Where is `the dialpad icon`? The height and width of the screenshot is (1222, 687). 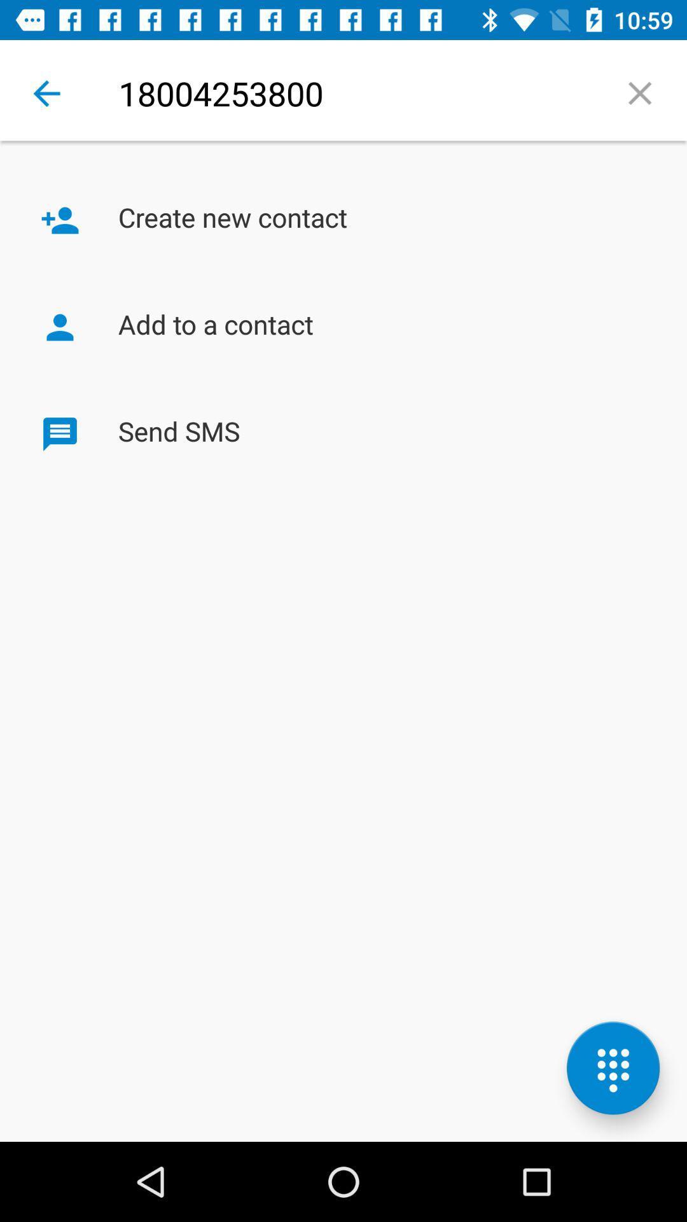 the dialpad icon is located at coordinates (613, 1068).